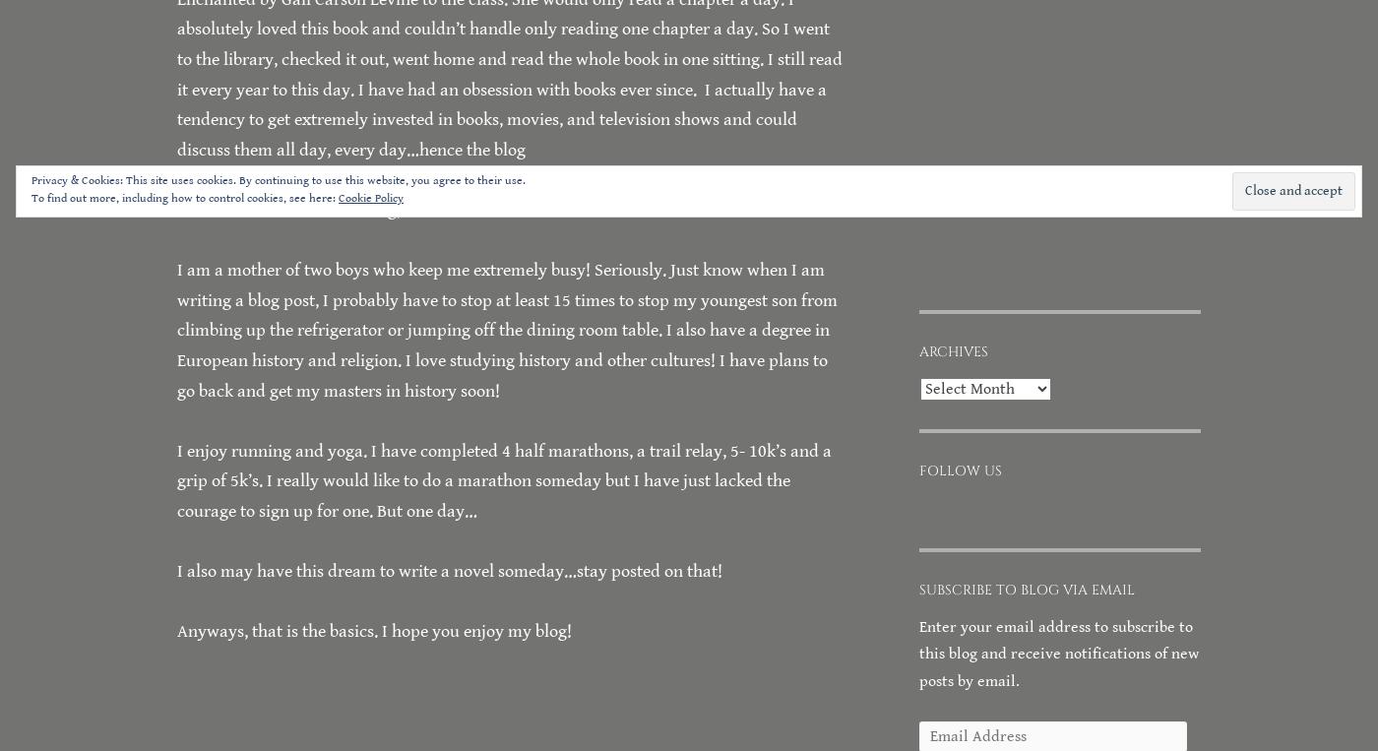 The height and width of the screenshot is (751, 1378). What do you see at coordinates (953, 349) in the screenshot?
I see `'Archives'` at bounding box center [953, 349].